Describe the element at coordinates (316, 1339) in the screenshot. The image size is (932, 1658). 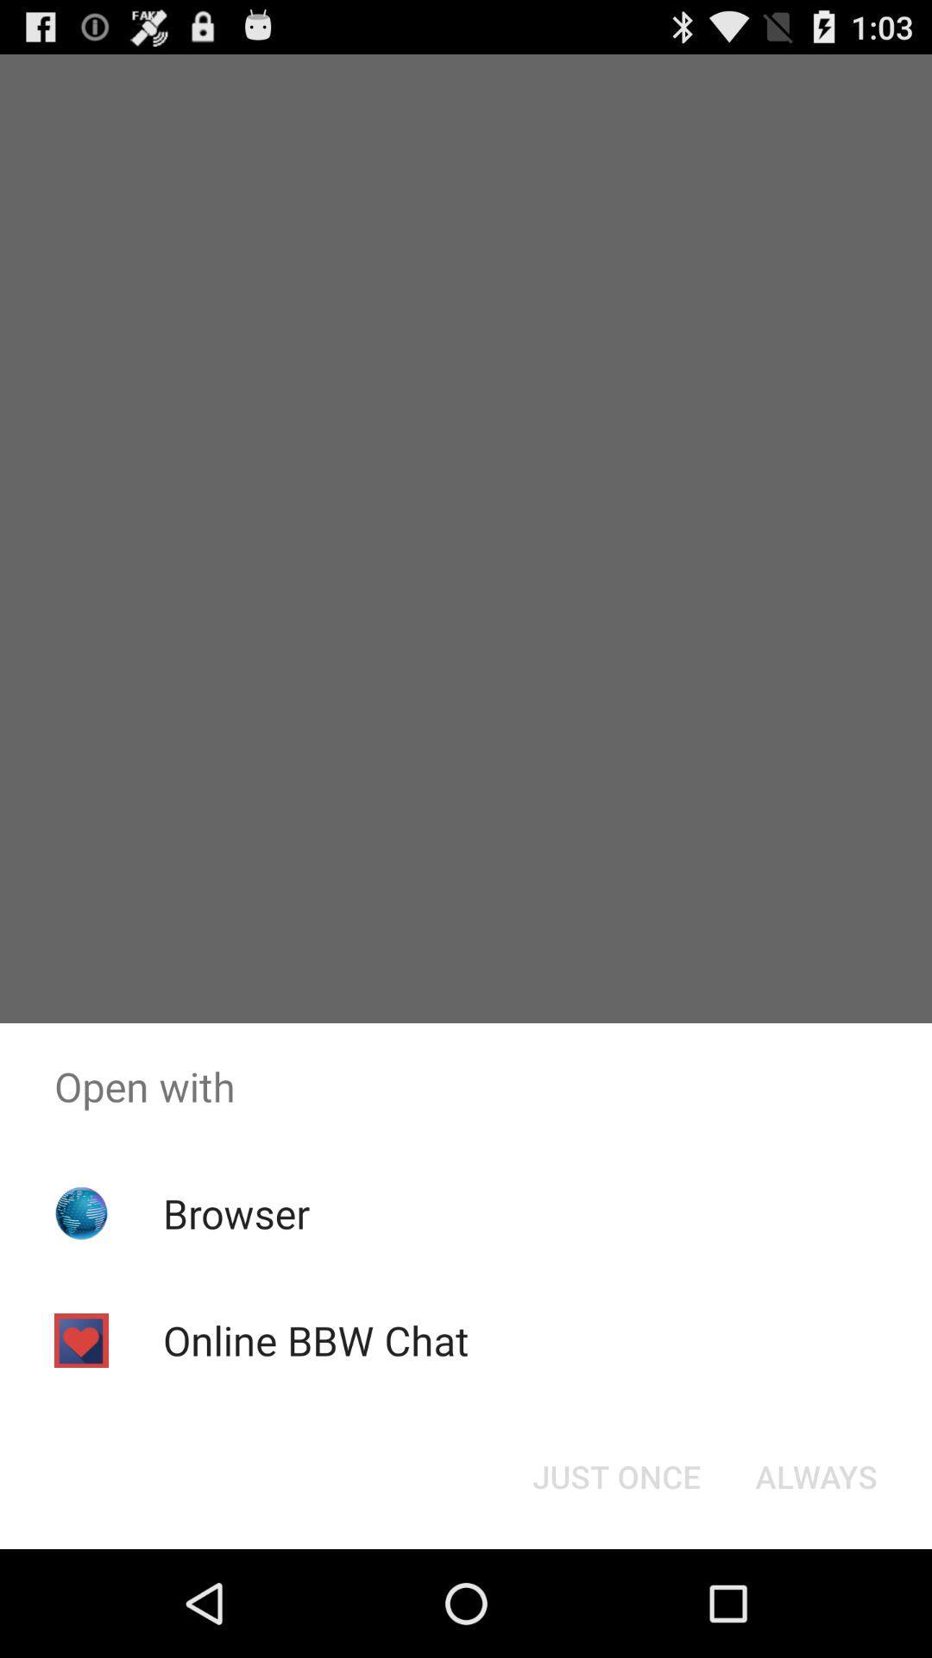
I see `item below the browser app` at that location.